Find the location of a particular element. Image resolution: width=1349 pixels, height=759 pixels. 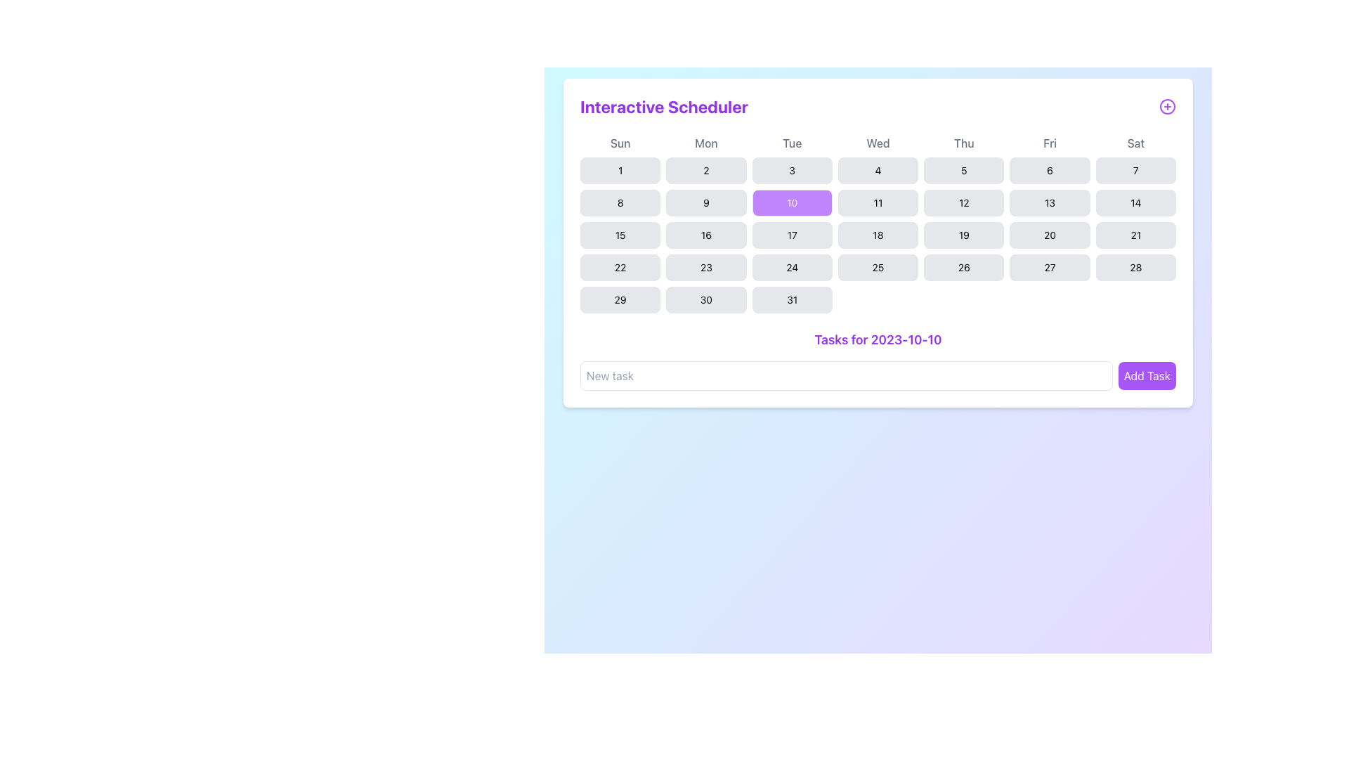

the interactive calendar date button representing the date '29' to change its background color is located at coordinates (620, 299).